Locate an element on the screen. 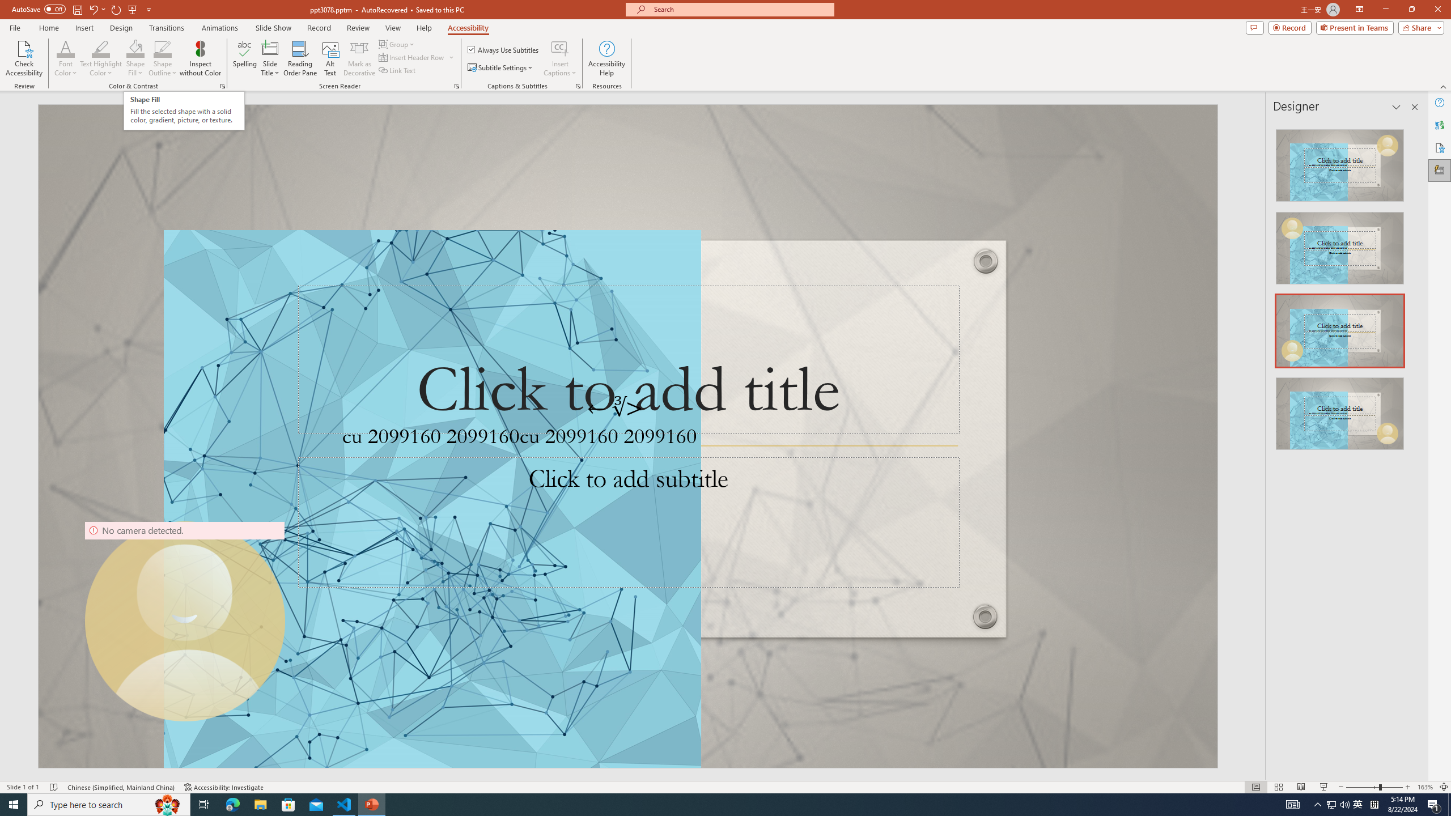 This screenshot has height=816, width=1451. 'Title TextBox' is located at coordinates (628, 359).